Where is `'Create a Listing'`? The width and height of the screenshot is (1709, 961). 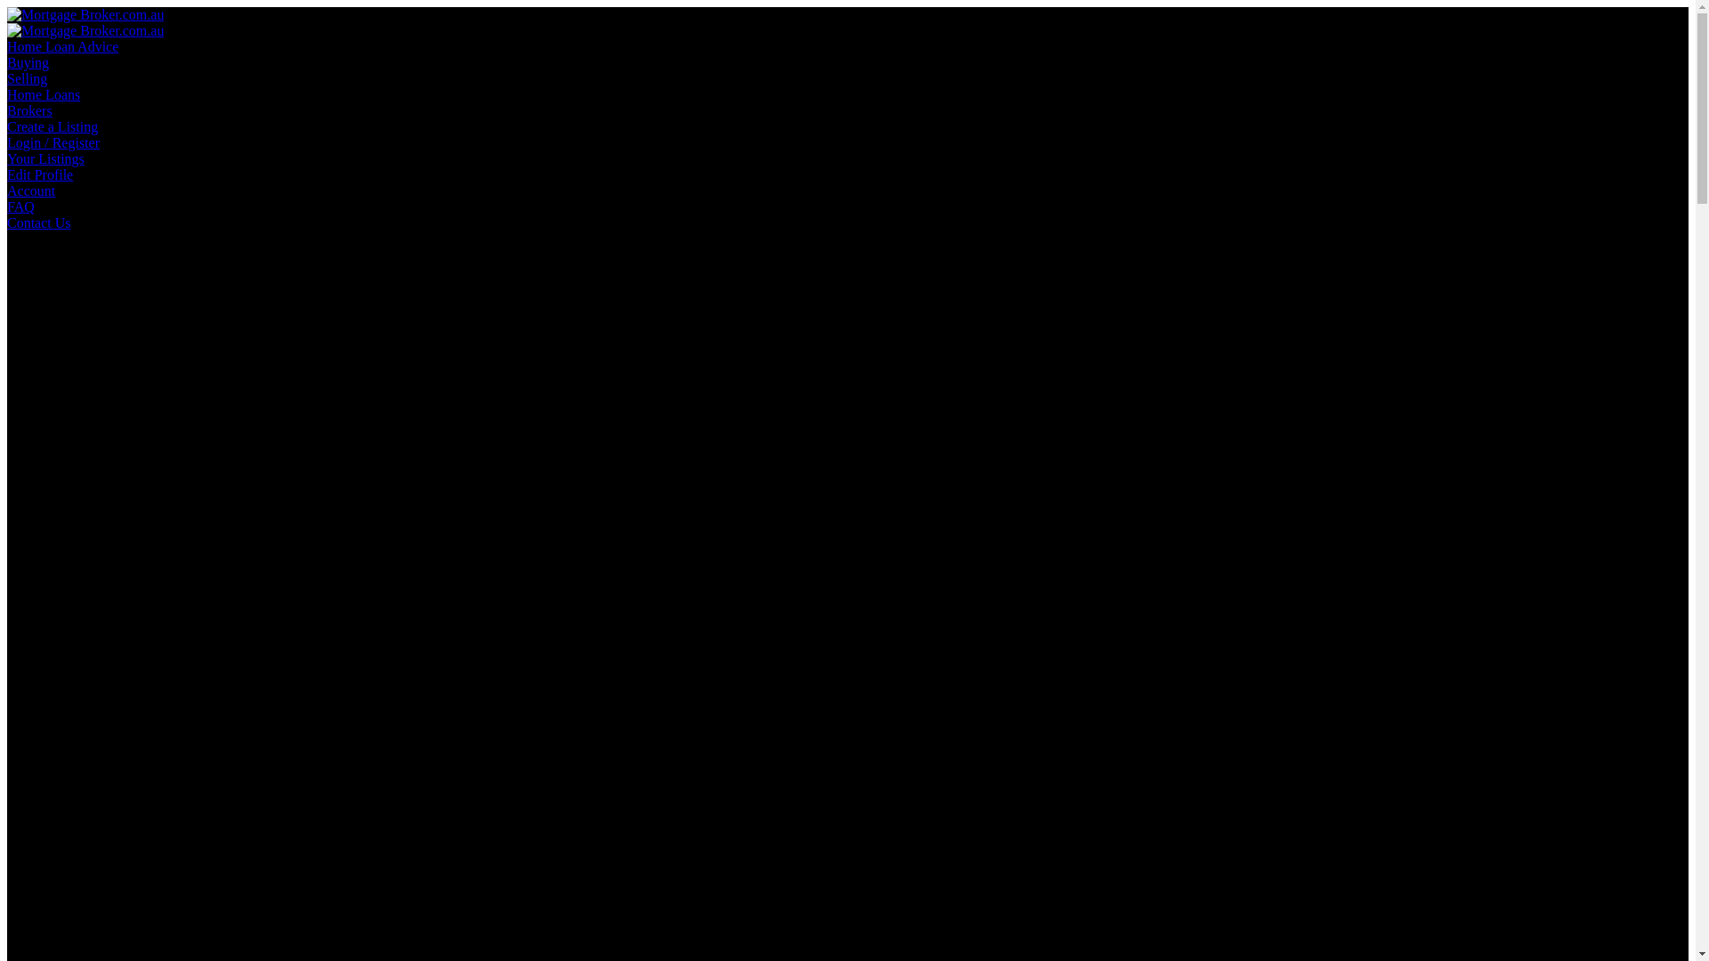 'Create a Listing' is located at coordinates (7, 125).